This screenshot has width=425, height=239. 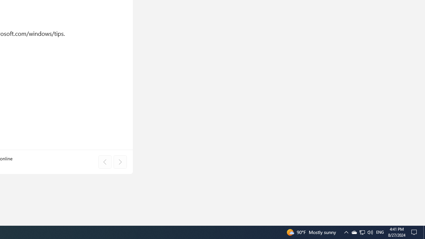 I want to click on 'Previous tip', so click(x=104, y=162).